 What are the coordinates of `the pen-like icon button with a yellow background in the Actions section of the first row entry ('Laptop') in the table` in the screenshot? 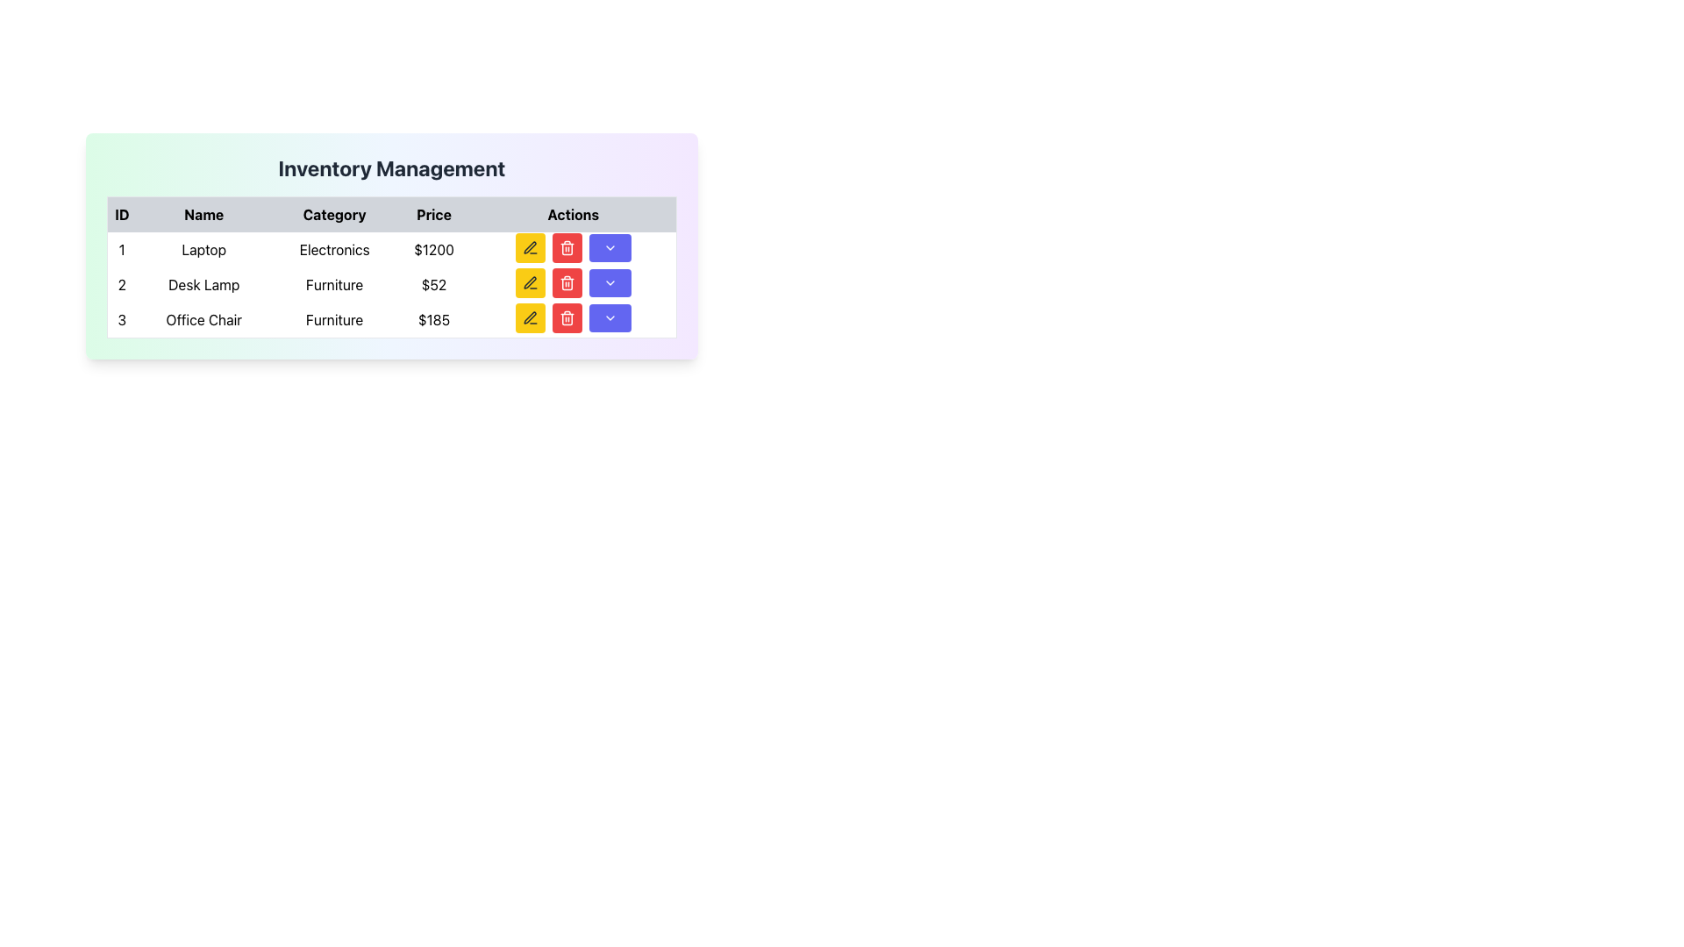 It's located at (529, 247).